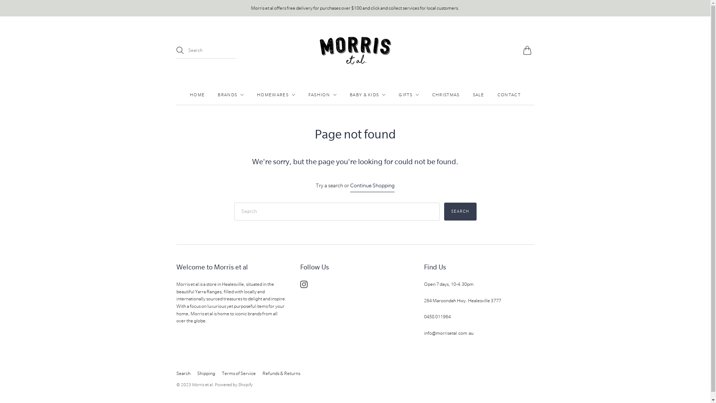 This screenshot has width=716, height=403. I want to click on 'HOME', so click(197, 94).